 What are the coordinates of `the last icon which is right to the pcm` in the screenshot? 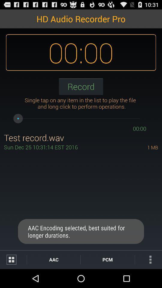 It's located at (148, 259).